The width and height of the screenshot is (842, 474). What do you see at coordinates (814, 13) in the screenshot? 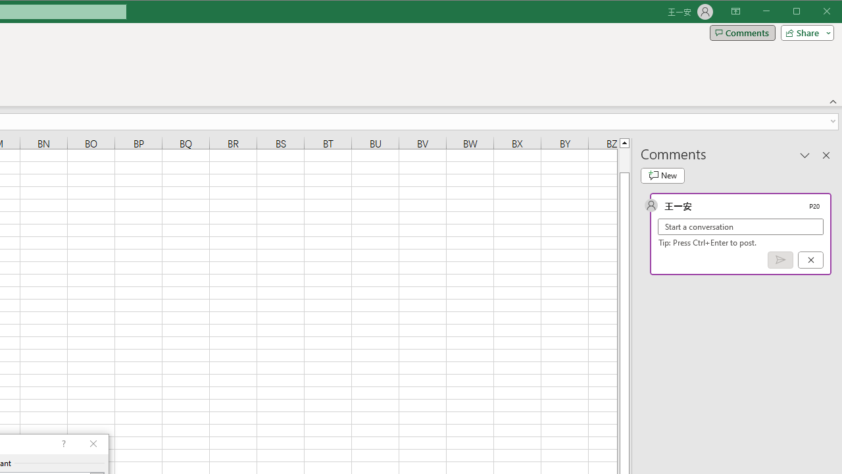
I see `'Maximize'` at bounding box center [814, 13].